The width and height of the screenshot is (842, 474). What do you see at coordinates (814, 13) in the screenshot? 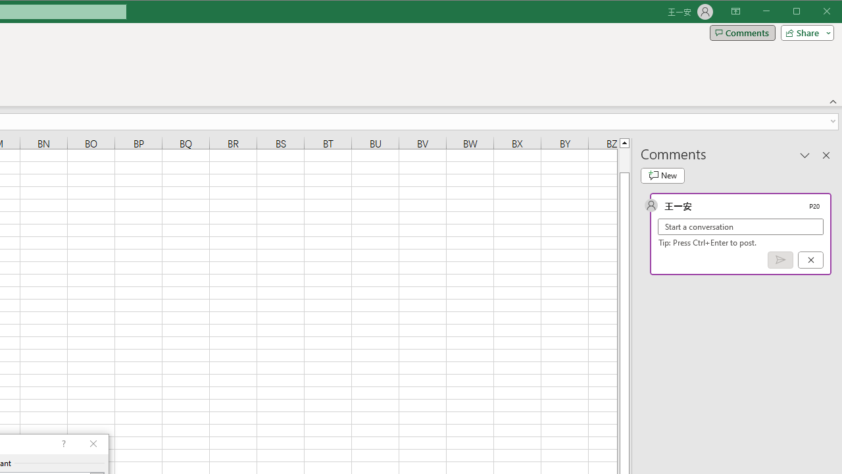
I see `'Maximize'` at bounding box center [814, 13].